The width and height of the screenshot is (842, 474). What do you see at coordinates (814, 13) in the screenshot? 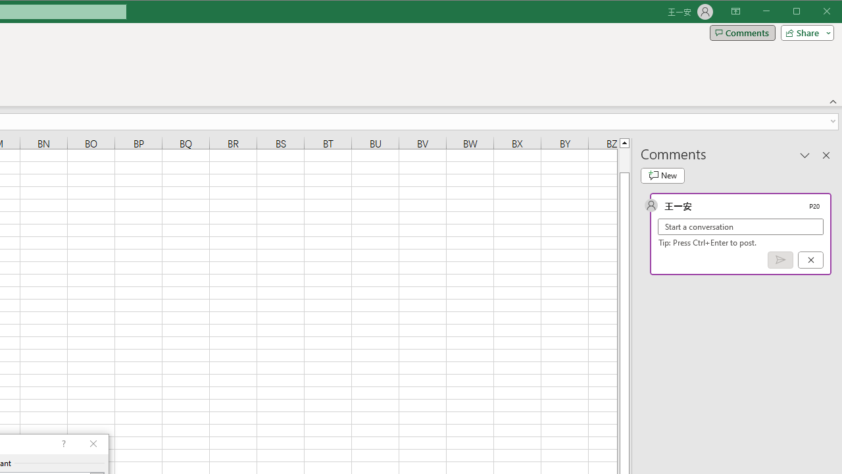
I see `'Maximize'` at bounding box center [814, 13].